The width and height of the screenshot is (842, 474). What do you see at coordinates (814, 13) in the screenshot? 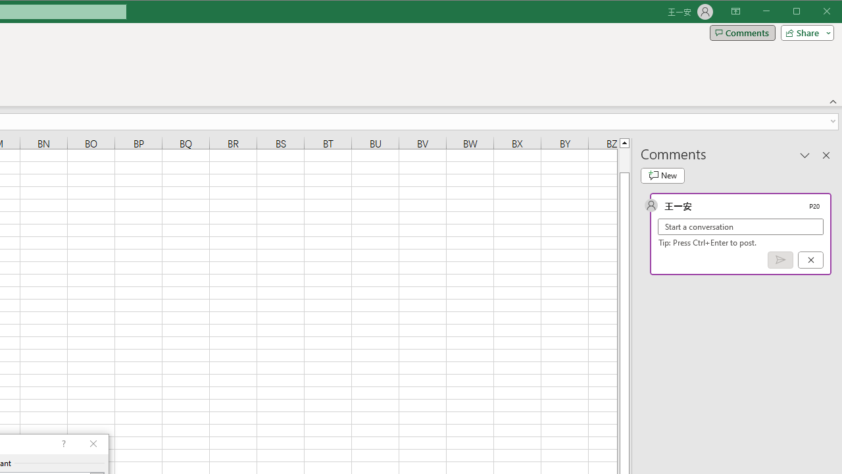
I see `'Maximize'` at bounding box center [814, 13].